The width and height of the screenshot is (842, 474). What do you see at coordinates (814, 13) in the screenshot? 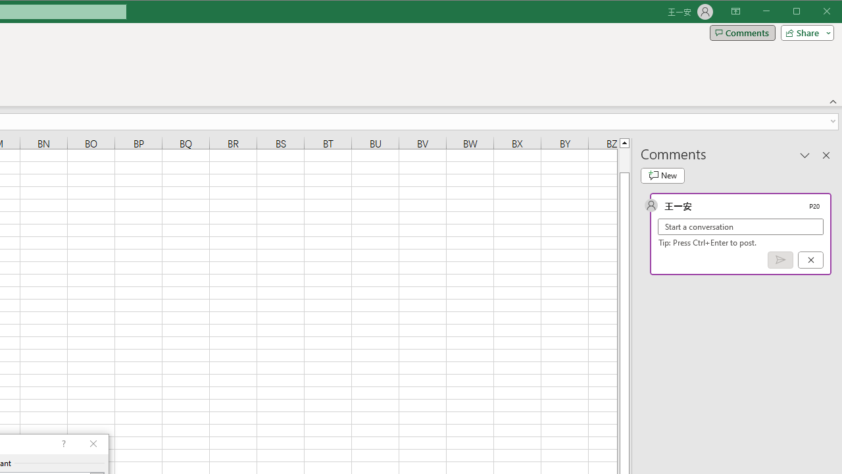
I see `'Maximize'` at bounding box center [814, 13].